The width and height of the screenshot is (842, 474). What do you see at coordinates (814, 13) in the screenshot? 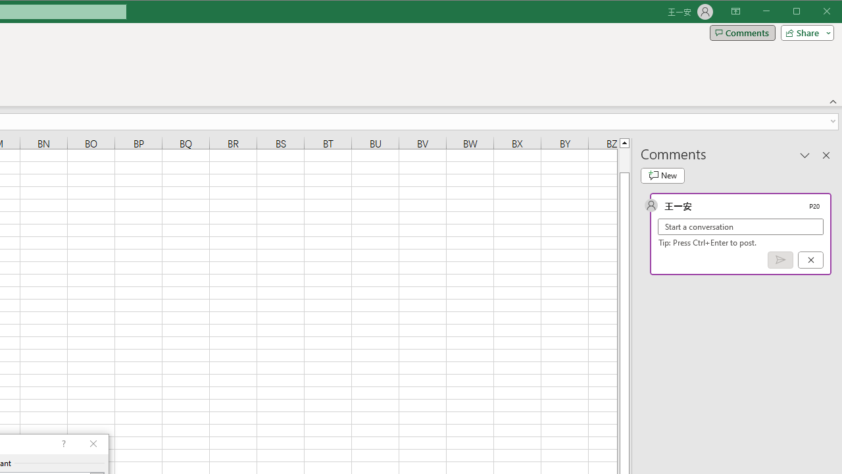
I see `'Maximize'` at bounding box center [814, 13].